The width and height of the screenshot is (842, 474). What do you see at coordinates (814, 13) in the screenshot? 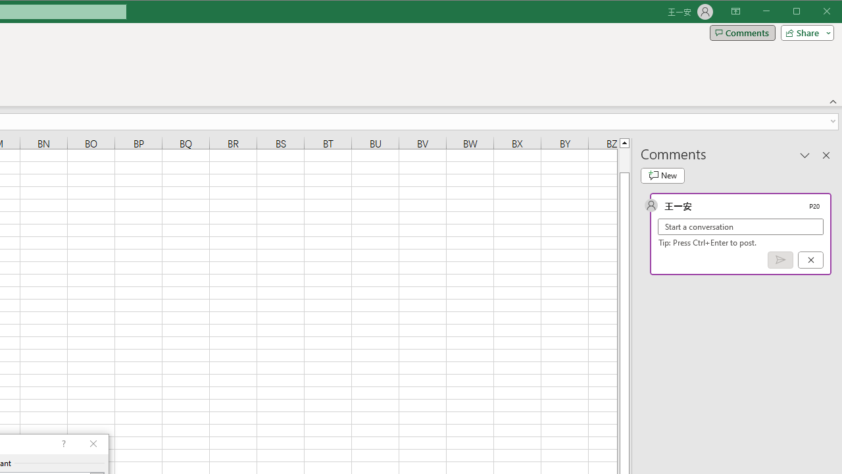
I see `'Maximize'` at bounding box center [814, 13].